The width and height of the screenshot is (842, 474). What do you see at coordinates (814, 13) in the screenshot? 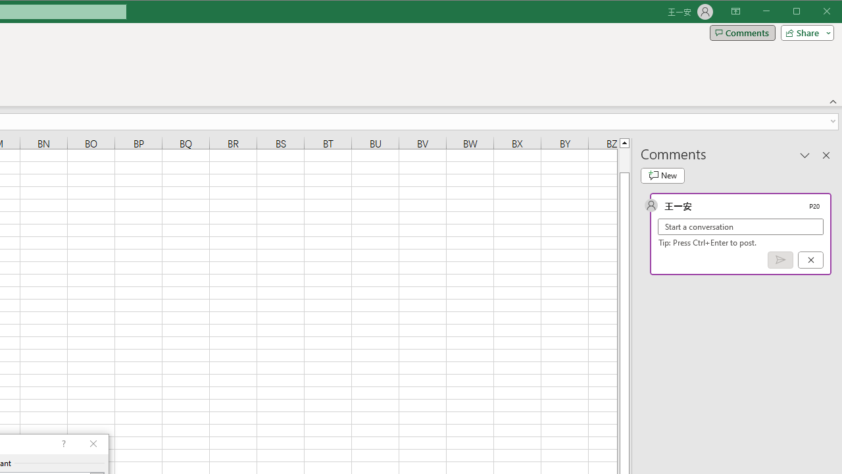
I see `'Maximize'` at bounding box center [814, 13].